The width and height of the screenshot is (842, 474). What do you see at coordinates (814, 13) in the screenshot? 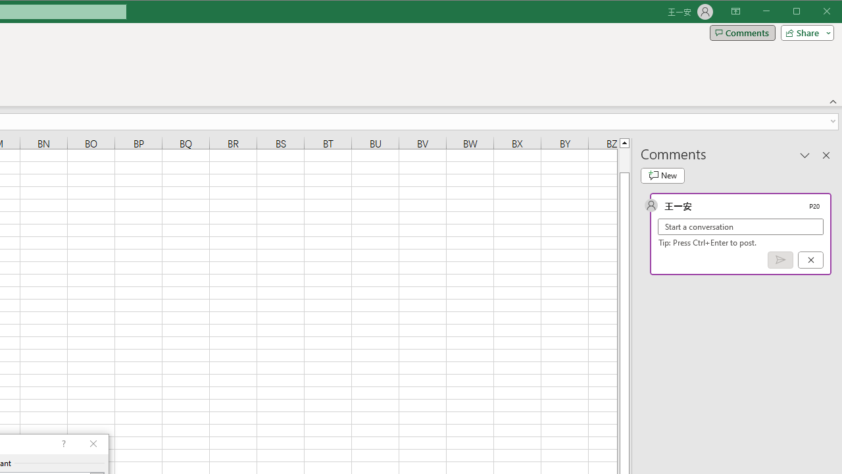
I see `'Maximize'` at bounding box center [814, 13].